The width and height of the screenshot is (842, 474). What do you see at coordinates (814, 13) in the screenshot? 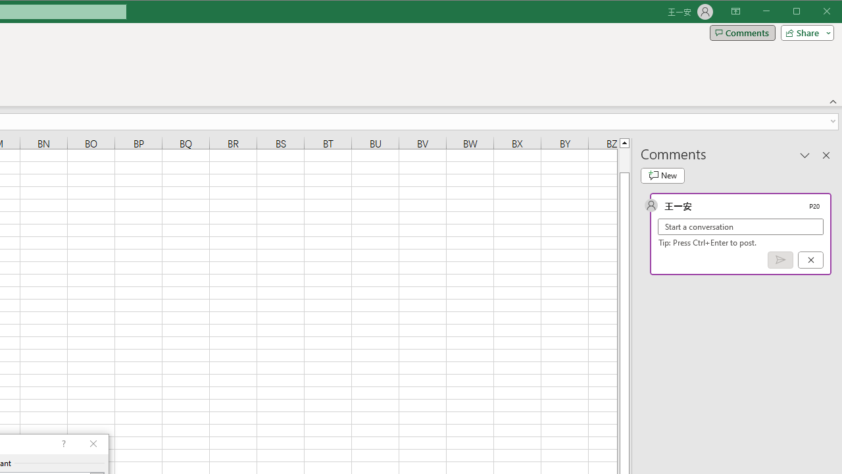
I see `'Maximize'` at bounding box center [814, 13].